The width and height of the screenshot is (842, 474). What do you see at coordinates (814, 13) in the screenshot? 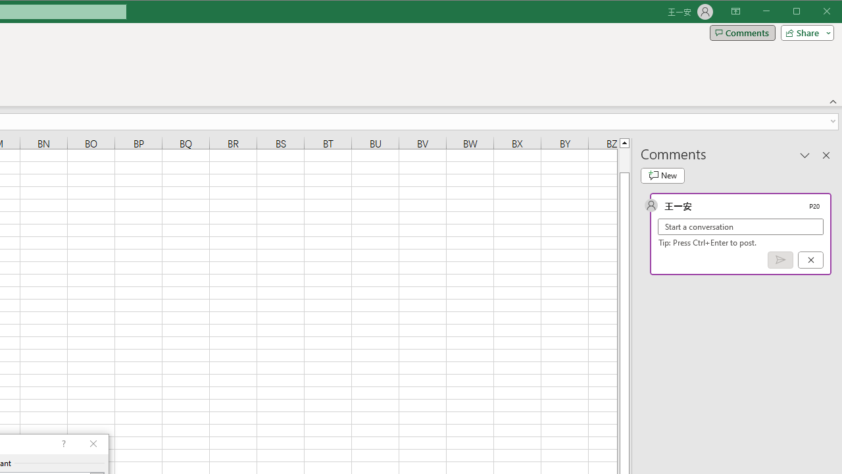
I see `'Maximize'` at bounding box center [814, 13].